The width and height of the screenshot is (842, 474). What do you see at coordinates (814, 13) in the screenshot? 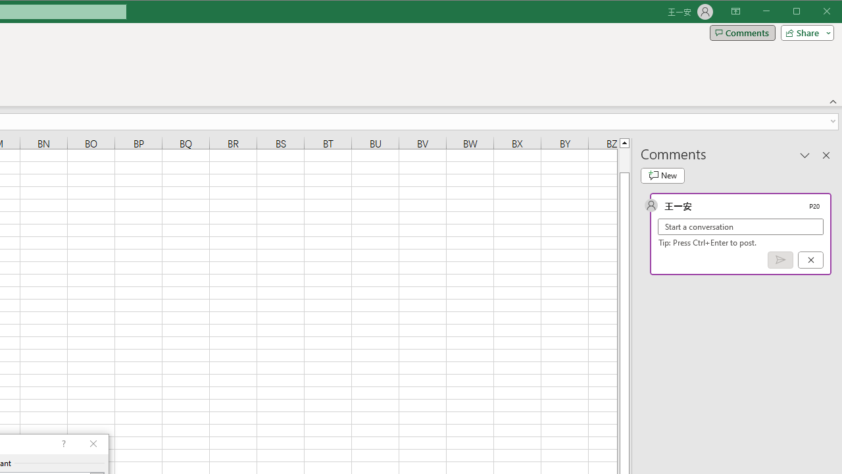
I see `'Maximize'` at bounding box center [814, 13].